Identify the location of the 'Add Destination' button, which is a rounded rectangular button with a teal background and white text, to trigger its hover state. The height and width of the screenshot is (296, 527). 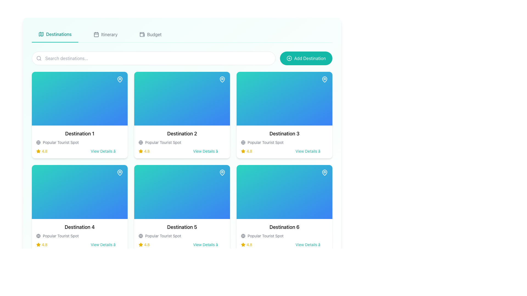
(306, 58).